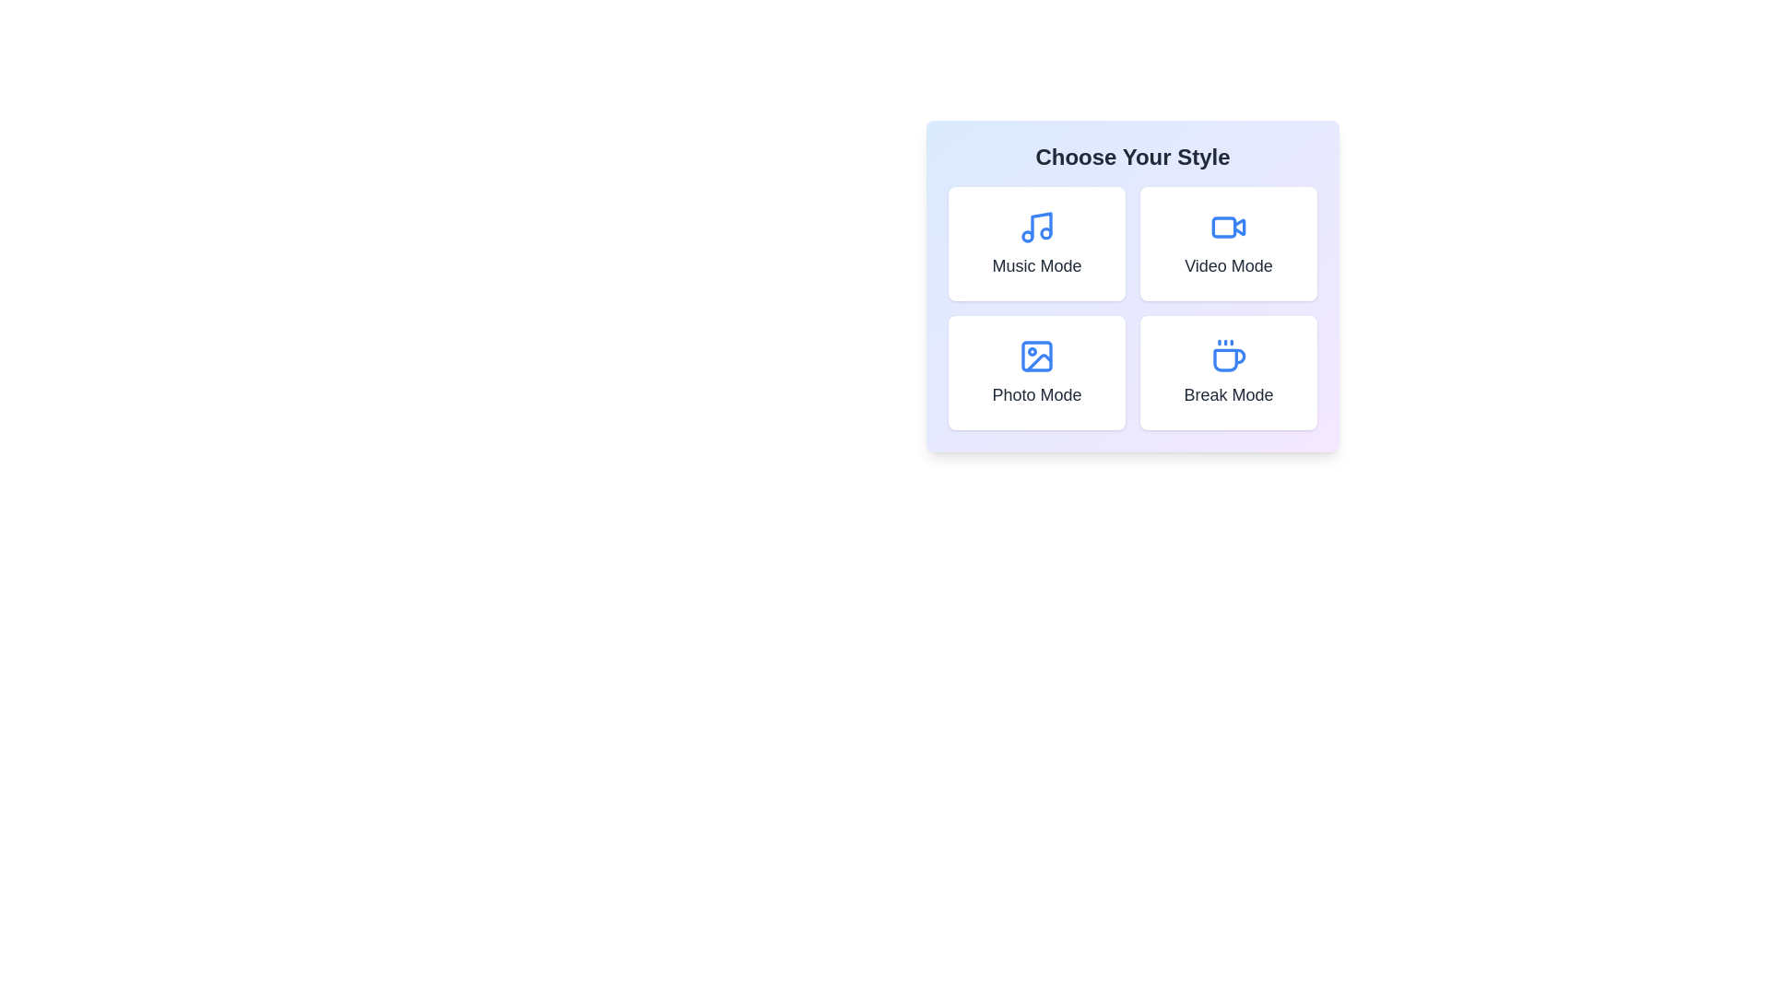 The image size is (1770, 995). What do you see at coordinates (1036, 373) in the screenshot?
I see `the button labeled Photo Mode to trigger additional actions` at bounding box center [1036, 373].